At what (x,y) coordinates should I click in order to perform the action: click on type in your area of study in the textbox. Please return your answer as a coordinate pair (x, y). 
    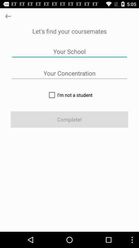
    Looking at the image, I should click on (69, 73).